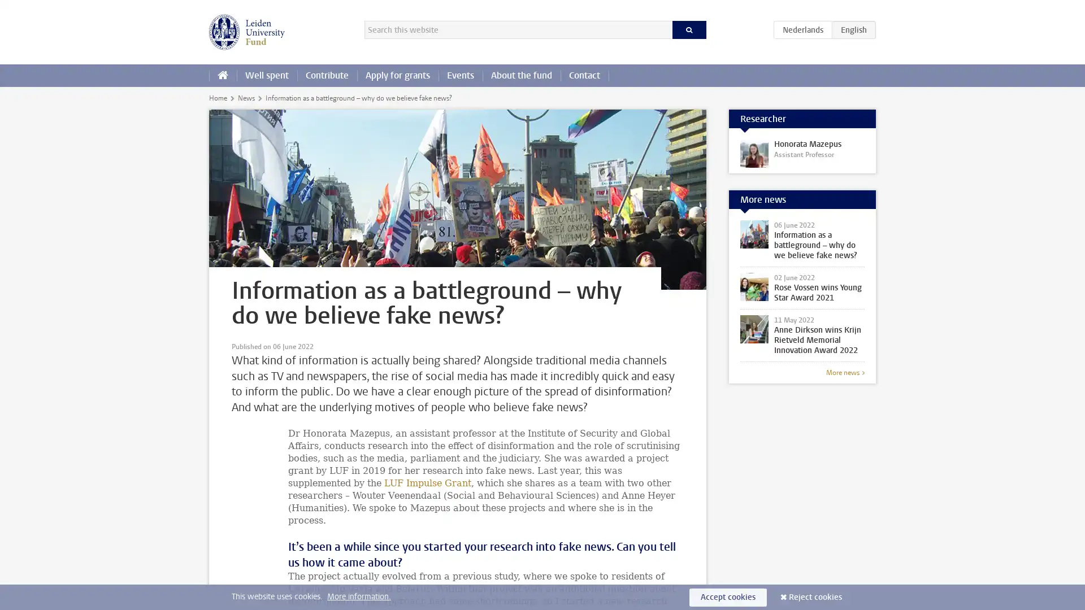  Describe the element at coordinates (688, 29) in the screenshot. I see `Search` at that location.